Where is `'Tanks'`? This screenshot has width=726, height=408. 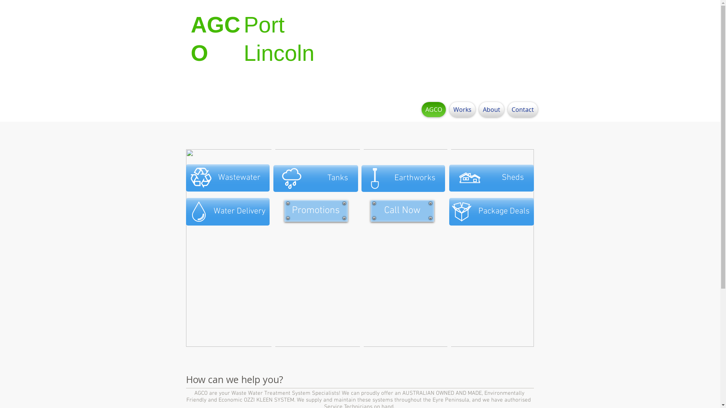 'Tanks' is located at coordinates (315, 178).